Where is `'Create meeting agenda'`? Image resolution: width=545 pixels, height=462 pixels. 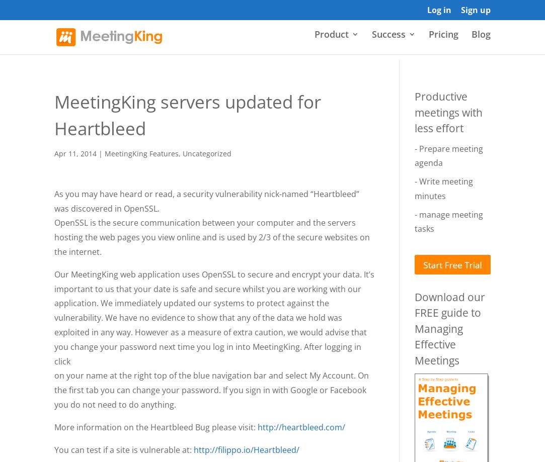 'Create meeting agenda' is located at coordinates (367, 142).